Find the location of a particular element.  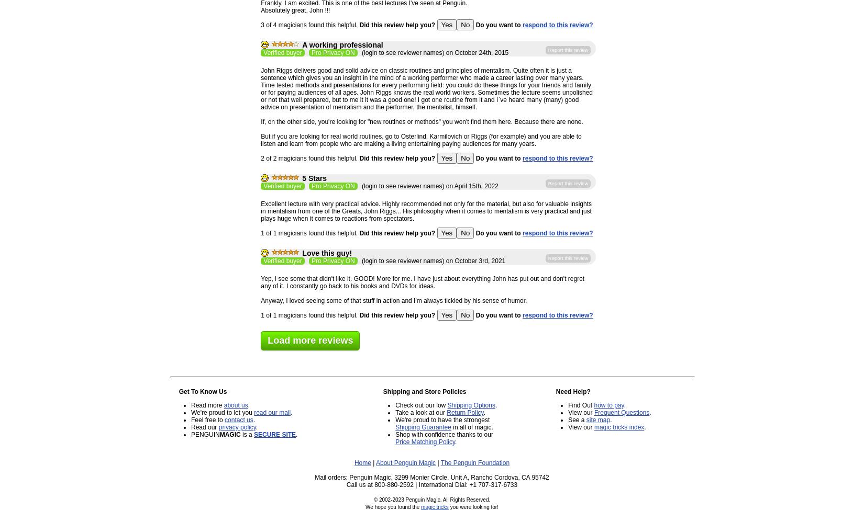

'Shipping and Store Policies' is located at coordinates (419, 391).